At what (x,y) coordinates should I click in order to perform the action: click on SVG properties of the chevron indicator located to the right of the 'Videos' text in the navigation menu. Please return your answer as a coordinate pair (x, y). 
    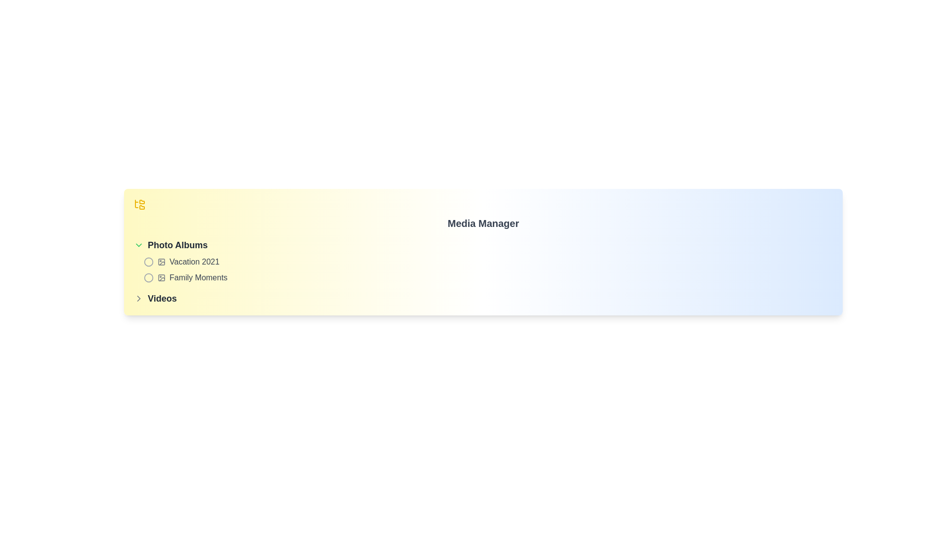
    Looking at the image, I should click on (138, 298).